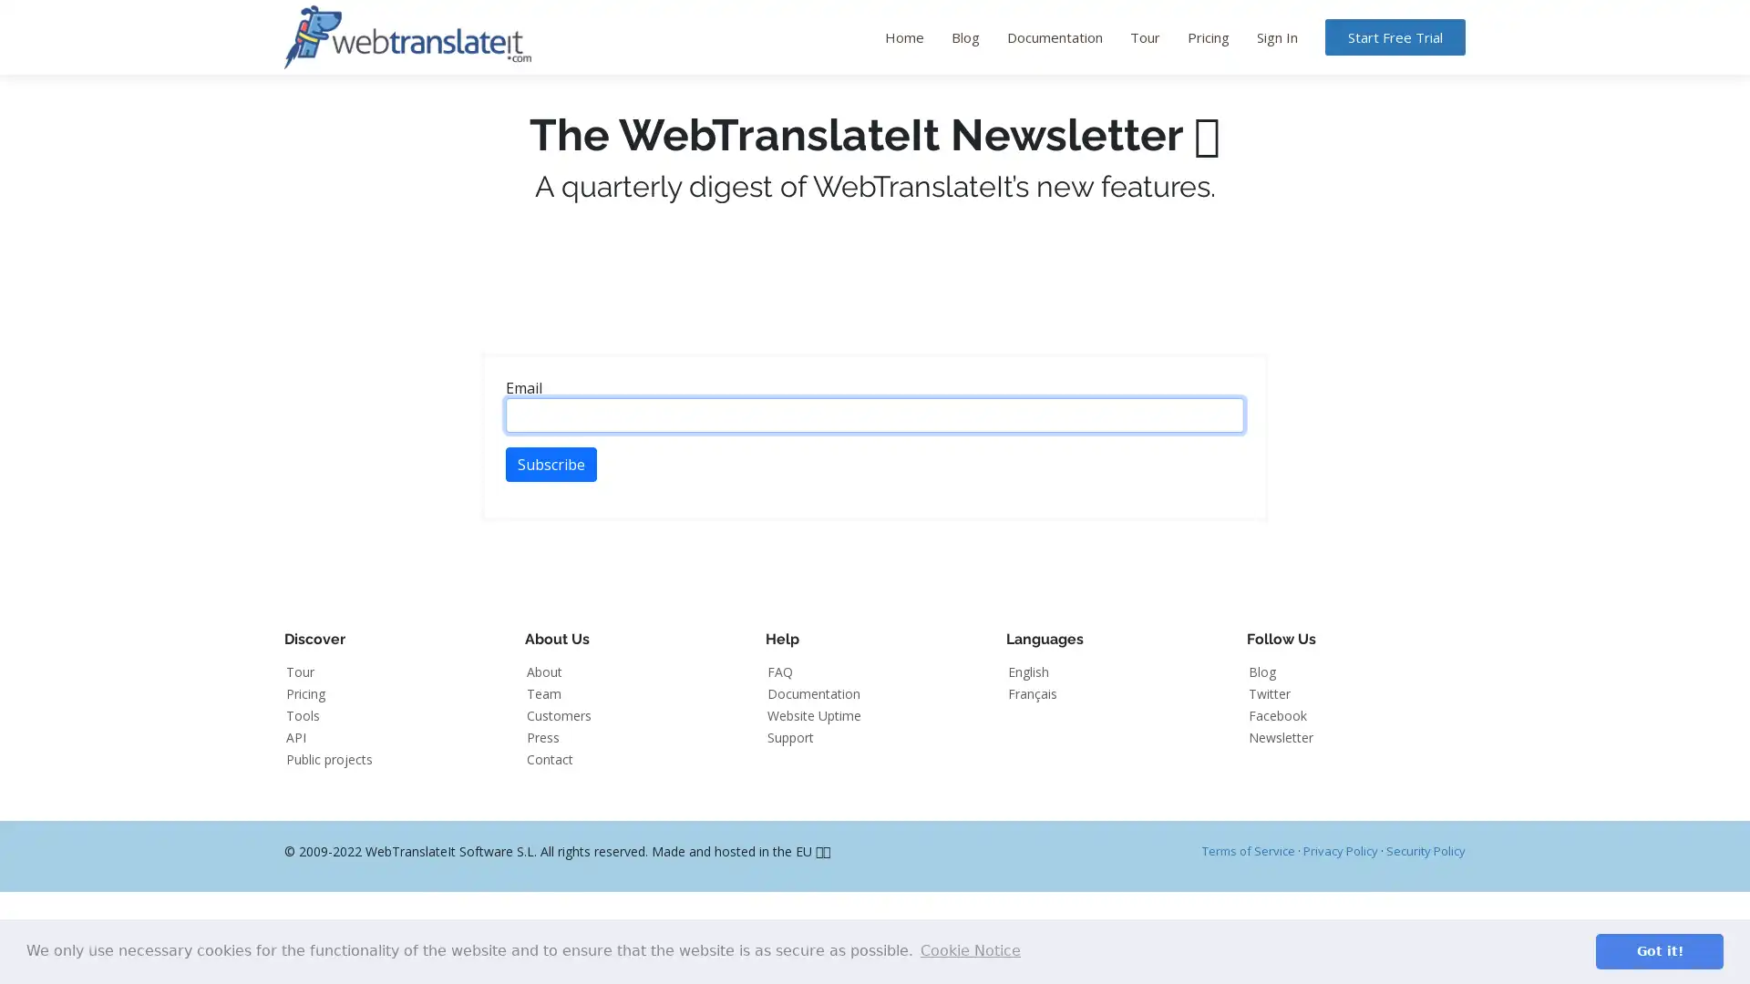  What do you see at coordinates (969, 950) in the screenshot?
I see `learn more about cookies` at bounding box center [969, 950].